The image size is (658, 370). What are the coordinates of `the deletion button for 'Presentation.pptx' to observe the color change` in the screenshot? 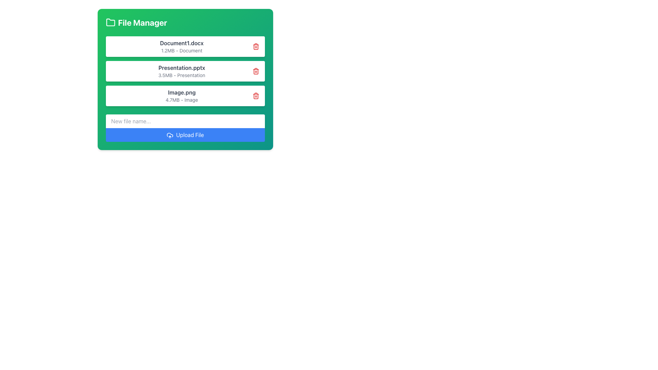 It's located at (255, 71).